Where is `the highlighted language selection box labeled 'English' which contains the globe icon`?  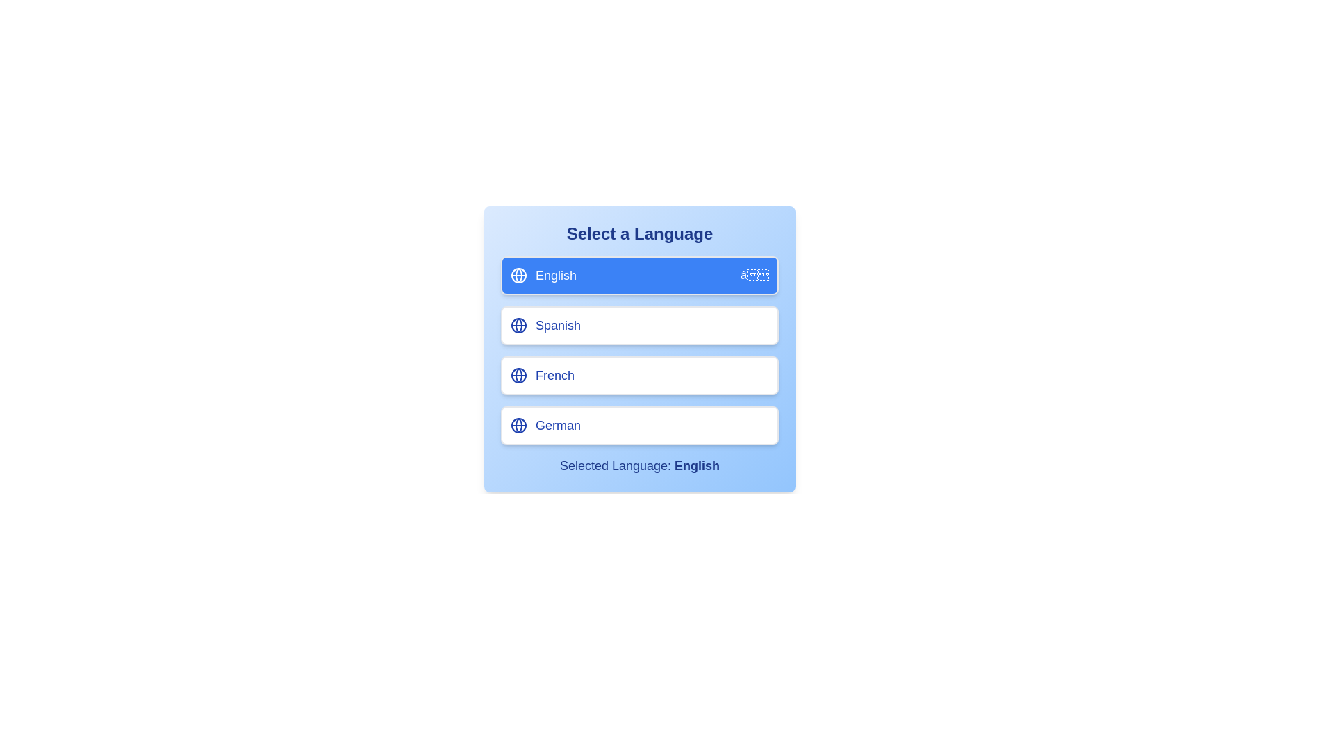
the highlighted language selection box labeled 'English' which contains the globe icon is located at coordinates (518, 276).